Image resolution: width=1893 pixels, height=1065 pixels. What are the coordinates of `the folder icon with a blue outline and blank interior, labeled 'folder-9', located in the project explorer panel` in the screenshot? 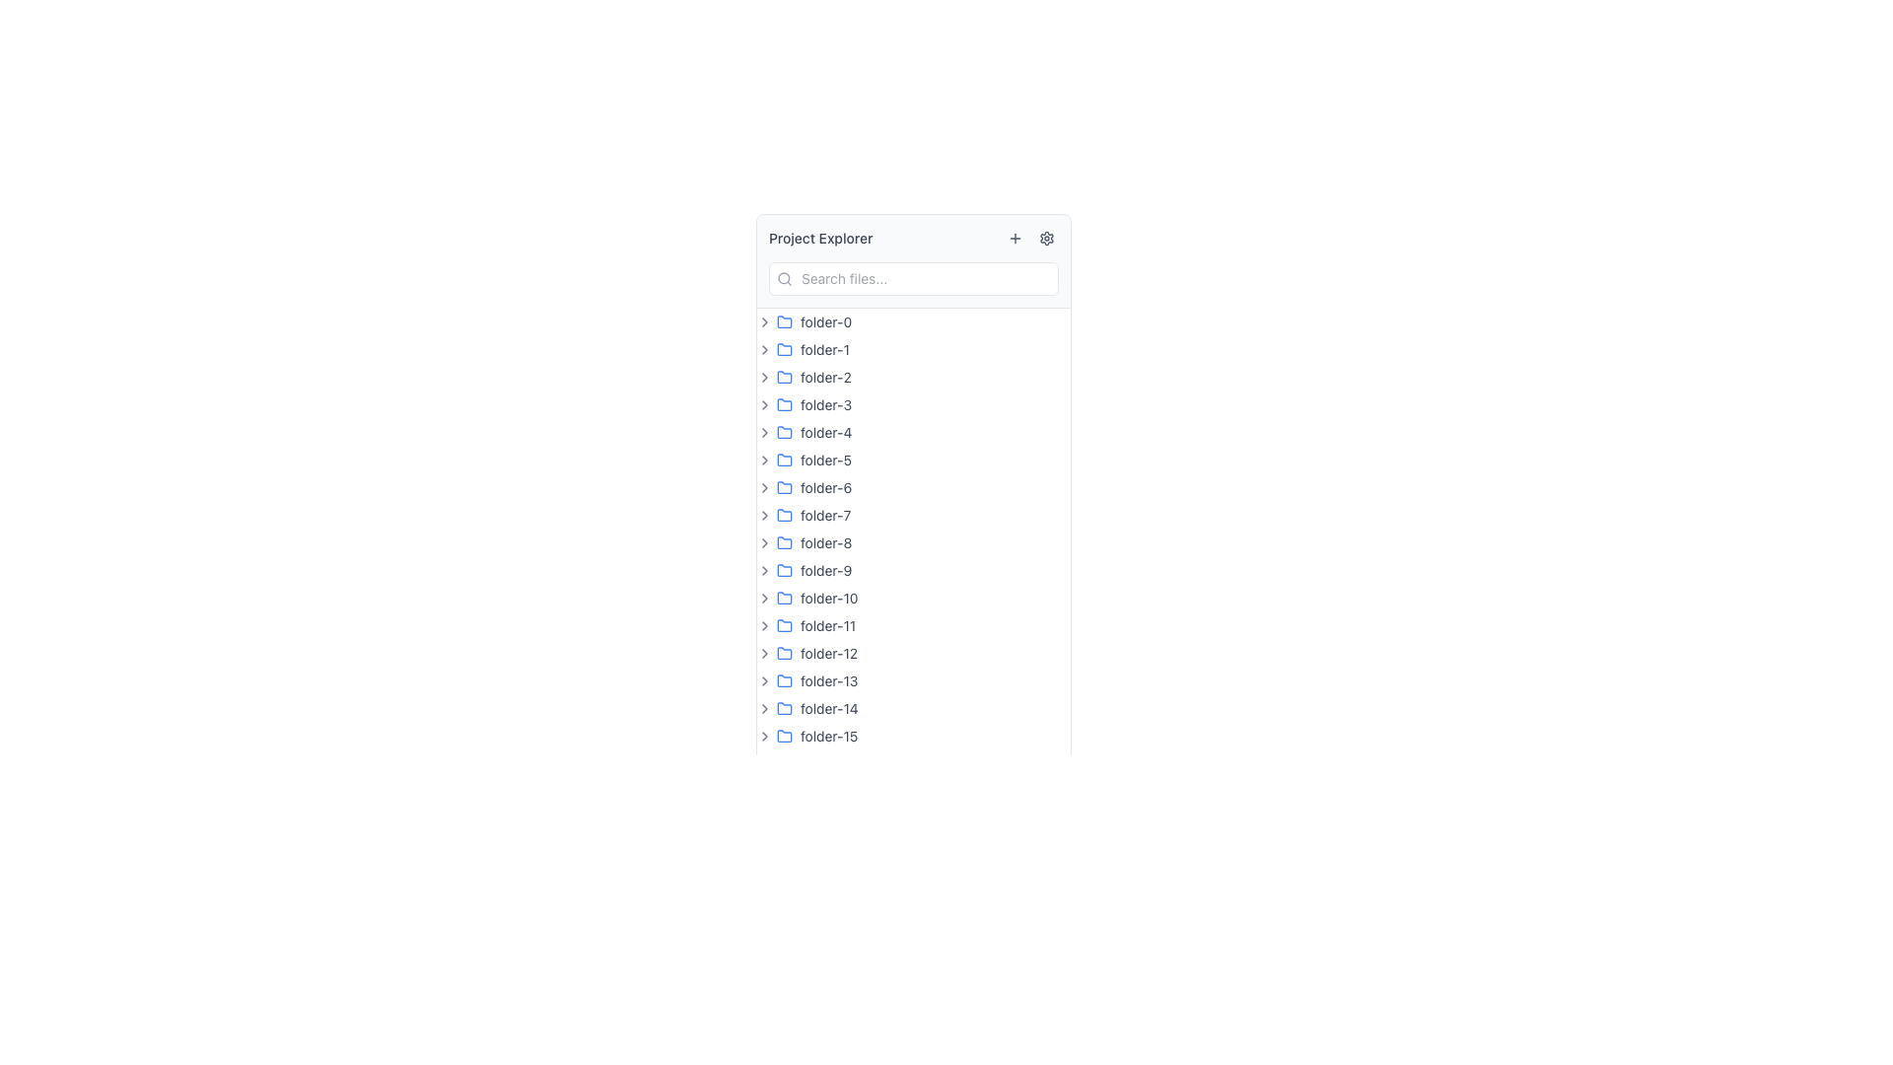 It's located at (784, 570).